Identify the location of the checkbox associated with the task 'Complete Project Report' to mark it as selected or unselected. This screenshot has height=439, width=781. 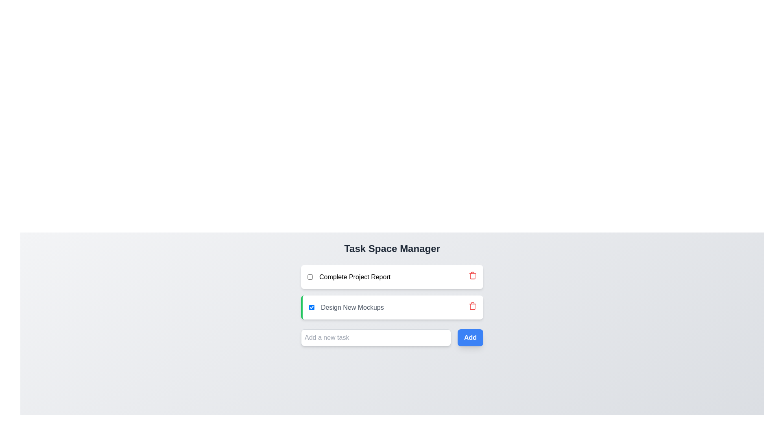
(310, 276).